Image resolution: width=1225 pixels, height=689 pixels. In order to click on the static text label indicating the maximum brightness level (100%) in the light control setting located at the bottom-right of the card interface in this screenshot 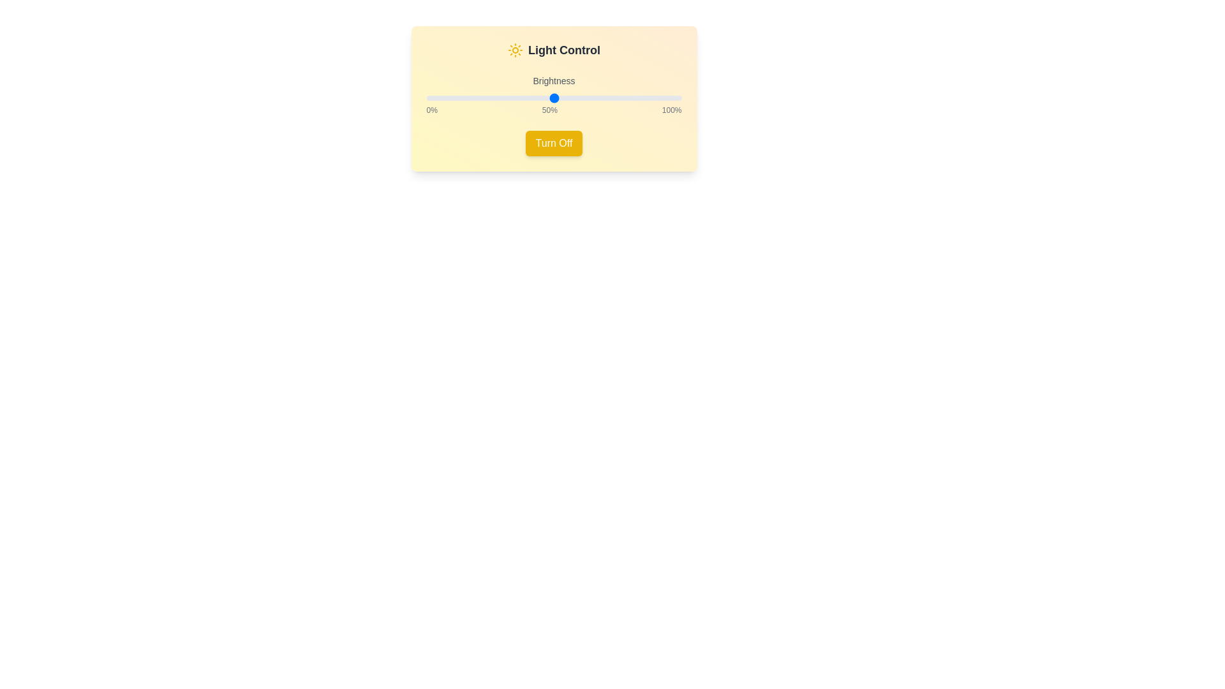, I will do `click(671, 110)`.